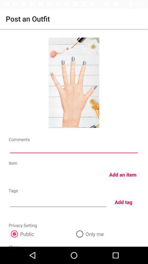 Image resolution: width=148 pixels, height=264 pixels. Describe the element at coordinates (74, 149) in the screenshot. I see `coments in box` at that location.